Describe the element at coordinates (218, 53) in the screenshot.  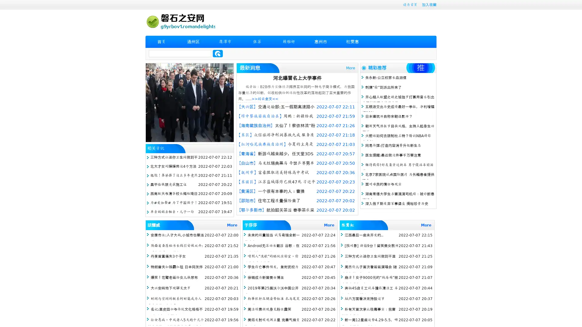
I see `Search` at that location.